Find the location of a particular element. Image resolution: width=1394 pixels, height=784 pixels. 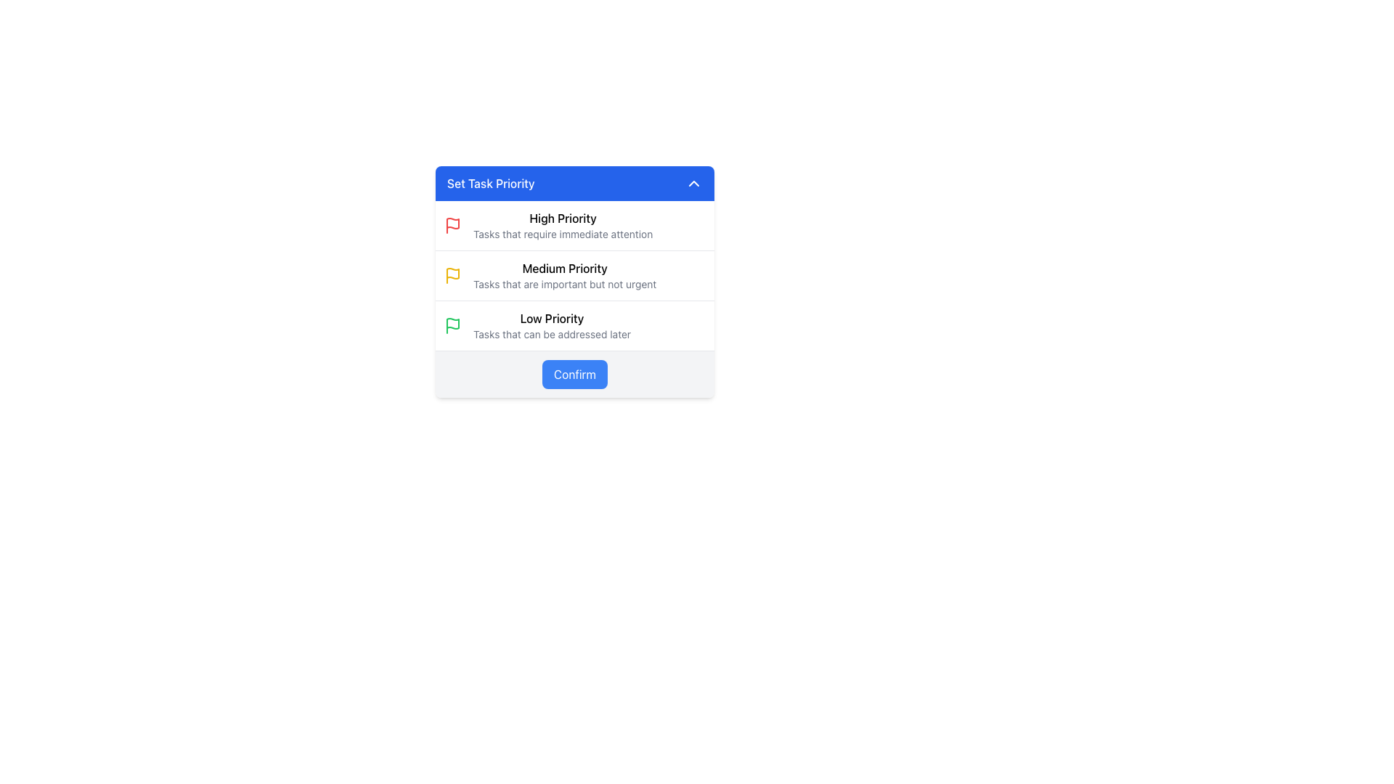

the 'Low Priority' list item in the 'Set Task Priority' section is located at coordinates (574, 324).